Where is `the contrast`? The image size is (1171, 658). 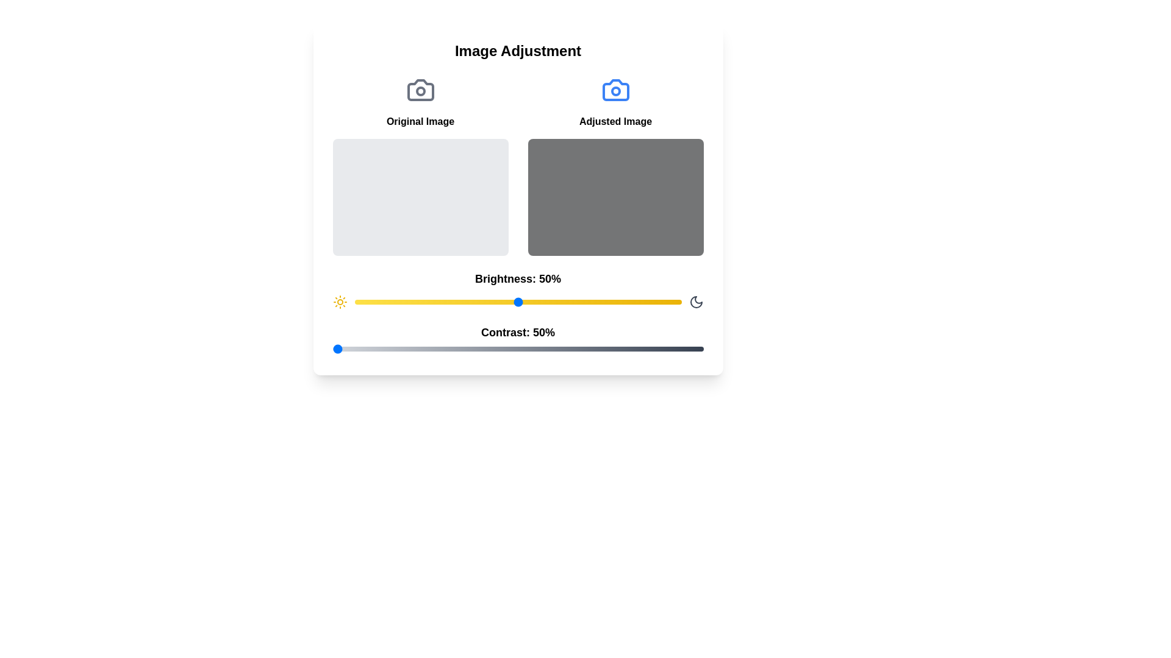 the contrast is located at coordinates (373, 349).